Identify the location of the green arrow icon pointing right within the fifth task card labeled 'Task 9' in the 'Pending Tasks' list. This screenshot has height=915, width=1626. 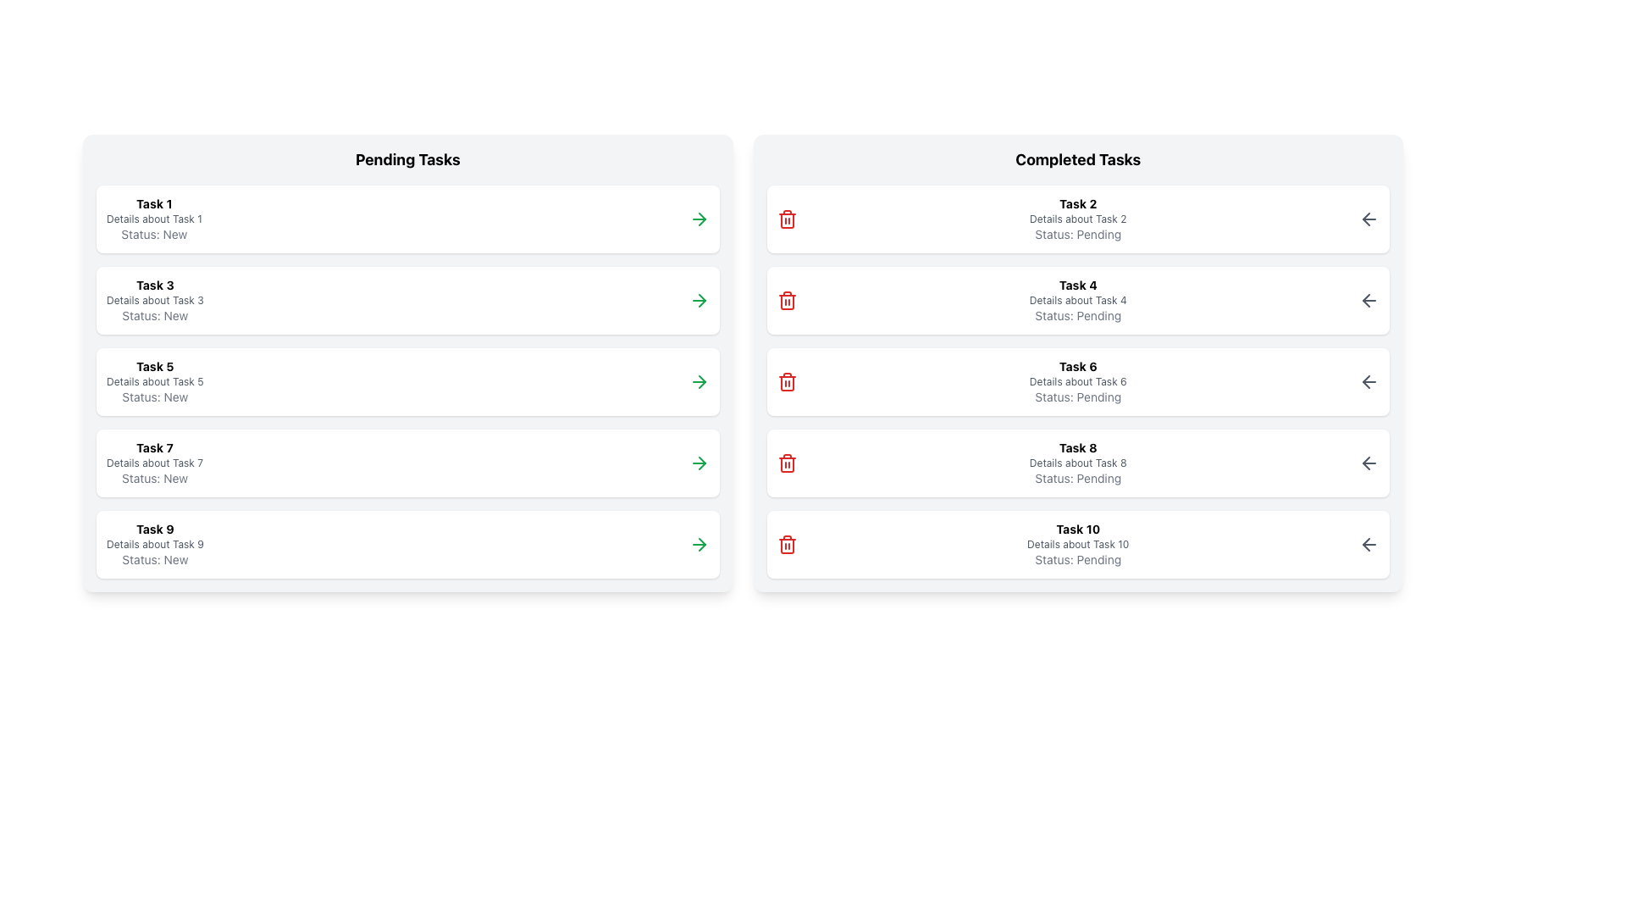
(702, 463).